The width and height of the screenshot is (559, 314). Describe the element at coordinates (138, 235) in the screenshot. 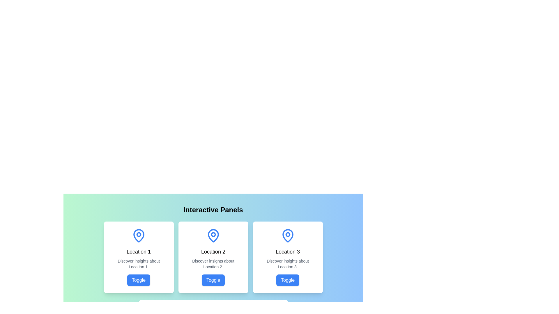

I see `the blue map pin icon located at the top-center of the card labeled 'Location 1'` at that location.